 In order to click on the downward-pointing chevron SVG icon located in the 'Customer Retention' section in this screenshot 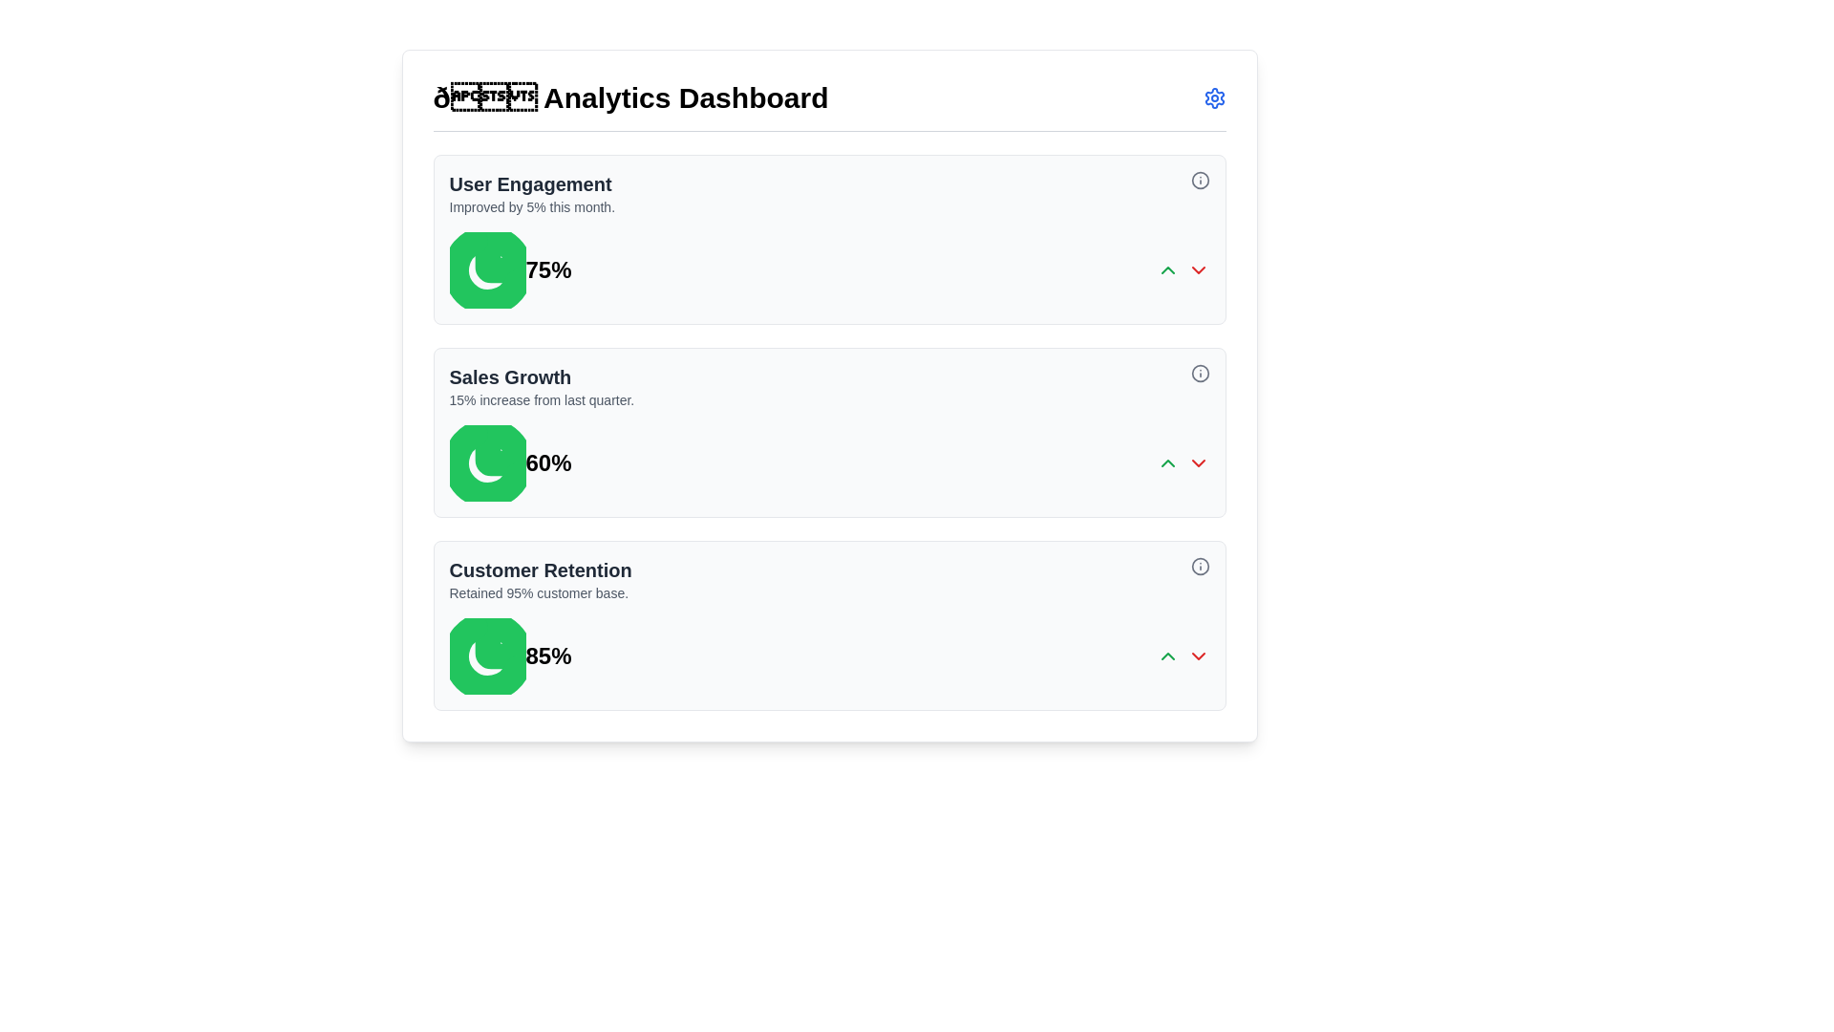, I will do `click(1197, 655)`.